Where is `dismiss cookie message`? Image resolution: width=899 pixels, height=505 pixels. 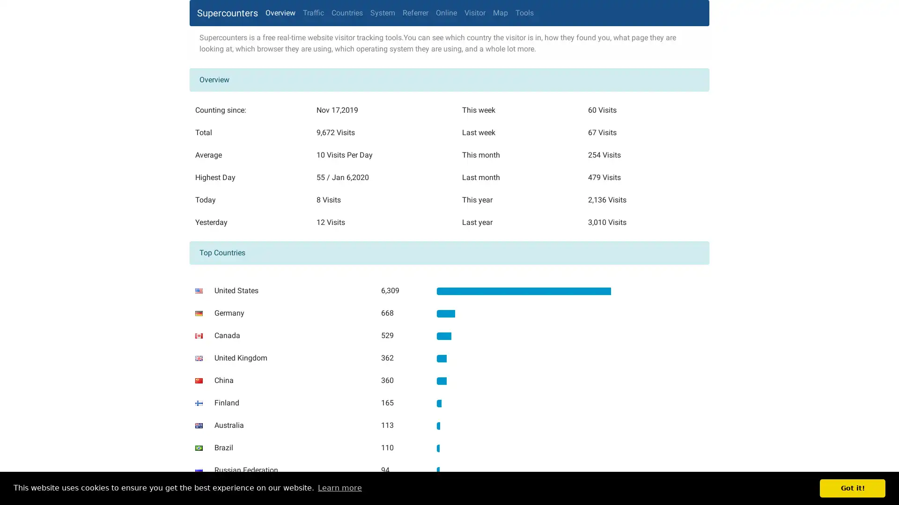
dismiss cookie message is located at coordinates (852, 488).